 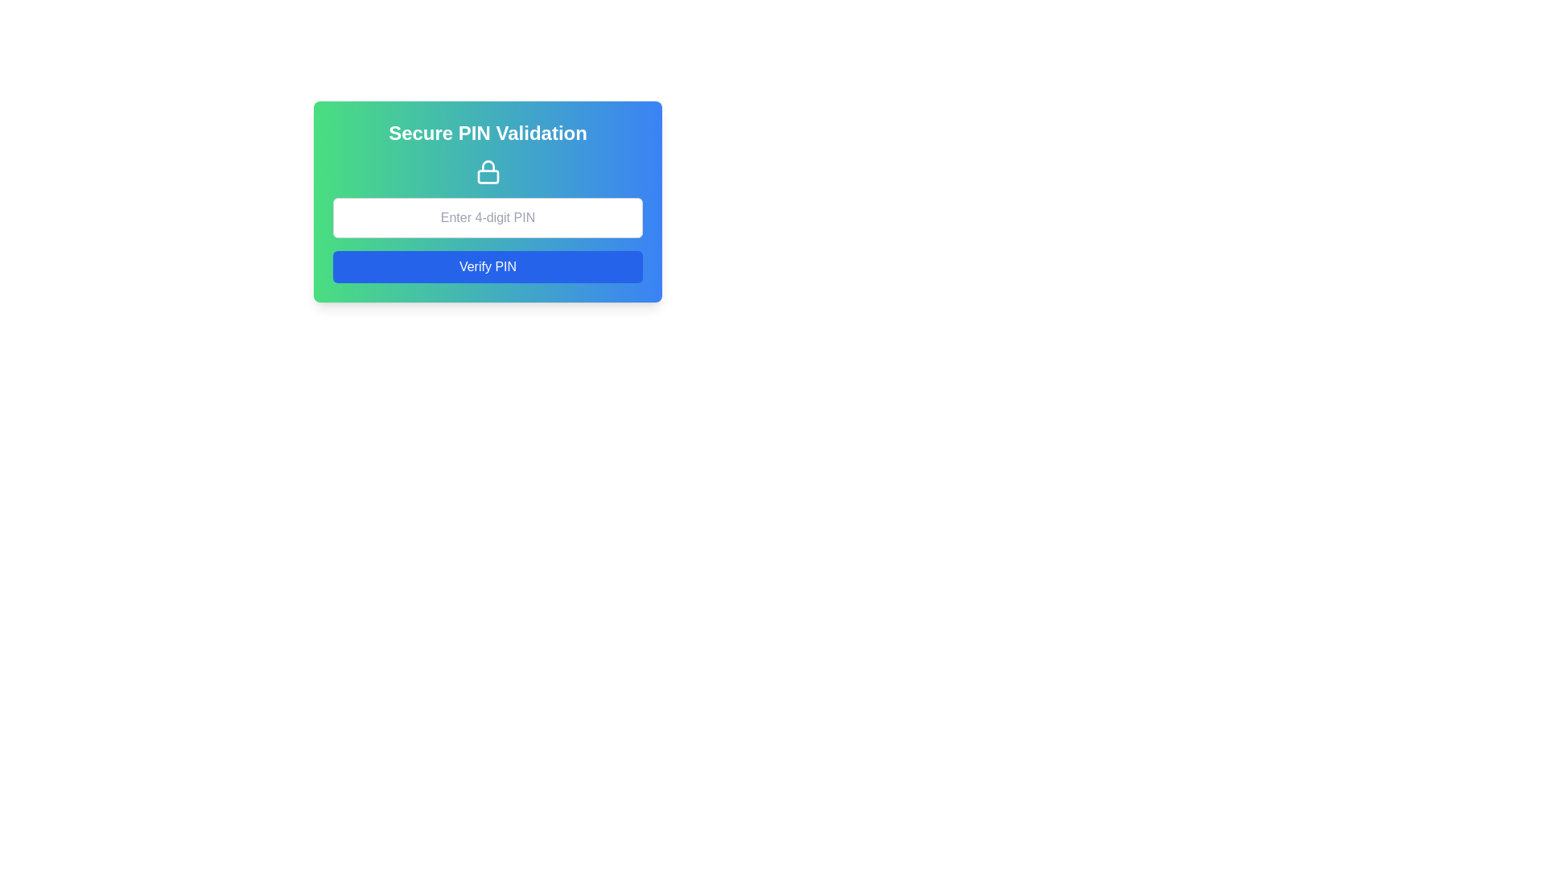 What do you see at coordinates (487, 171) in the screenshot?
I see `the lock icon that signifies the security of the PIN input process, located above the PIN input field in the 'Secure PIN Validation' box` at bounding box center [487, 171].